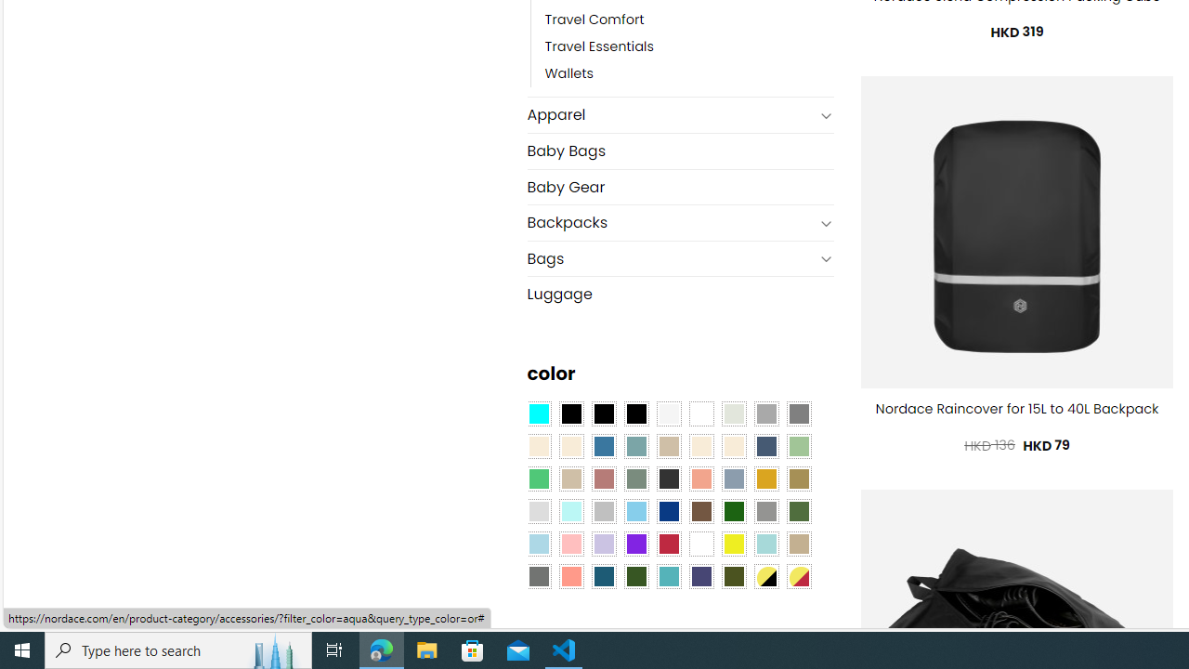 The height and width of the screenshot is (669, 1189). What do you see at coordinates (799, 446) in the screenshot?
I see `'Light Green'` at bounding box center [799, 446].